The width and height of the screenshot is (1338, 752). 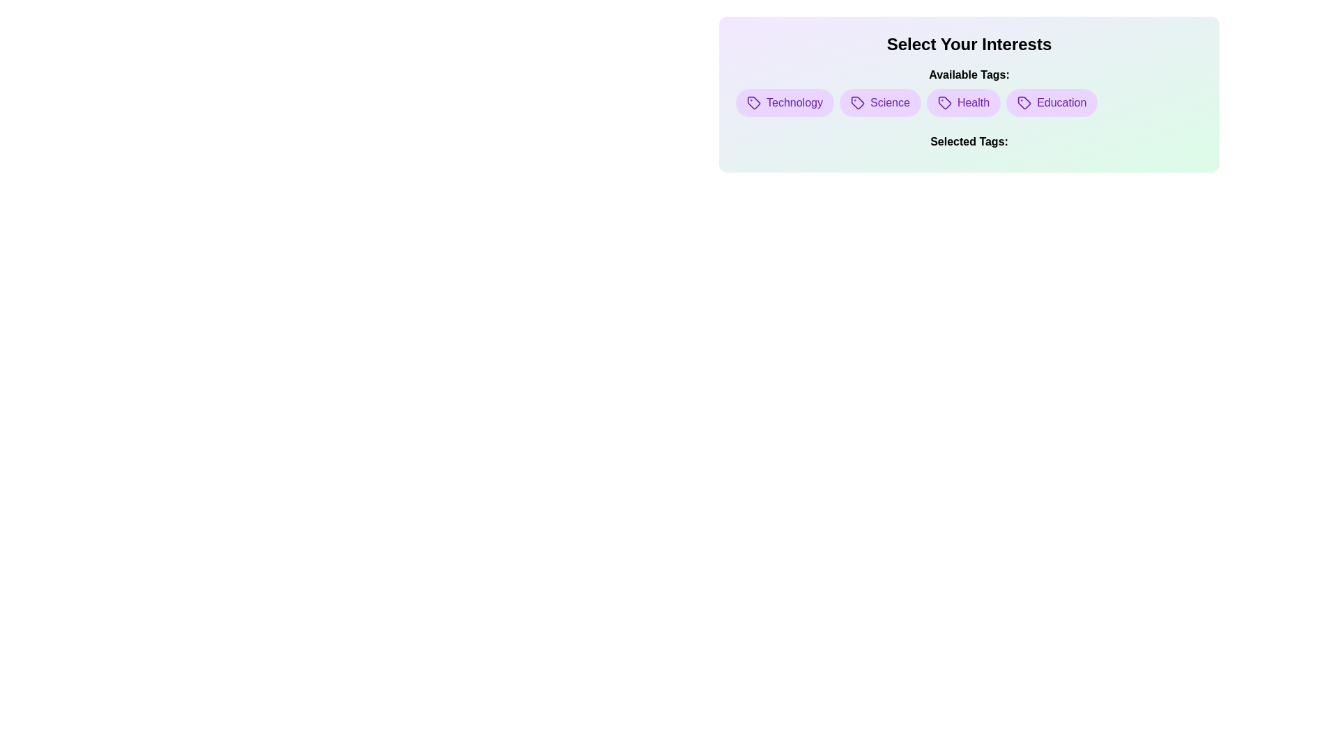 I want to click on the tag-like icon located in the 'Available Tags' section, which is the second icon from the left, adjacent to the 'Science' label, so click(x=856, y=102).